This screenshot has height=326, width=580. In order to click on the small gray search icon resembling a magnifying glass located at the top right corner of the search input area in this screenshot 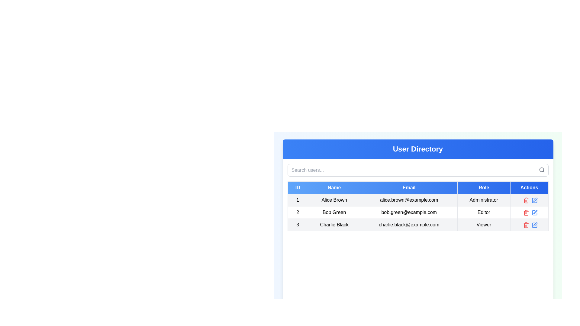, I will do `click(542, 170)`.